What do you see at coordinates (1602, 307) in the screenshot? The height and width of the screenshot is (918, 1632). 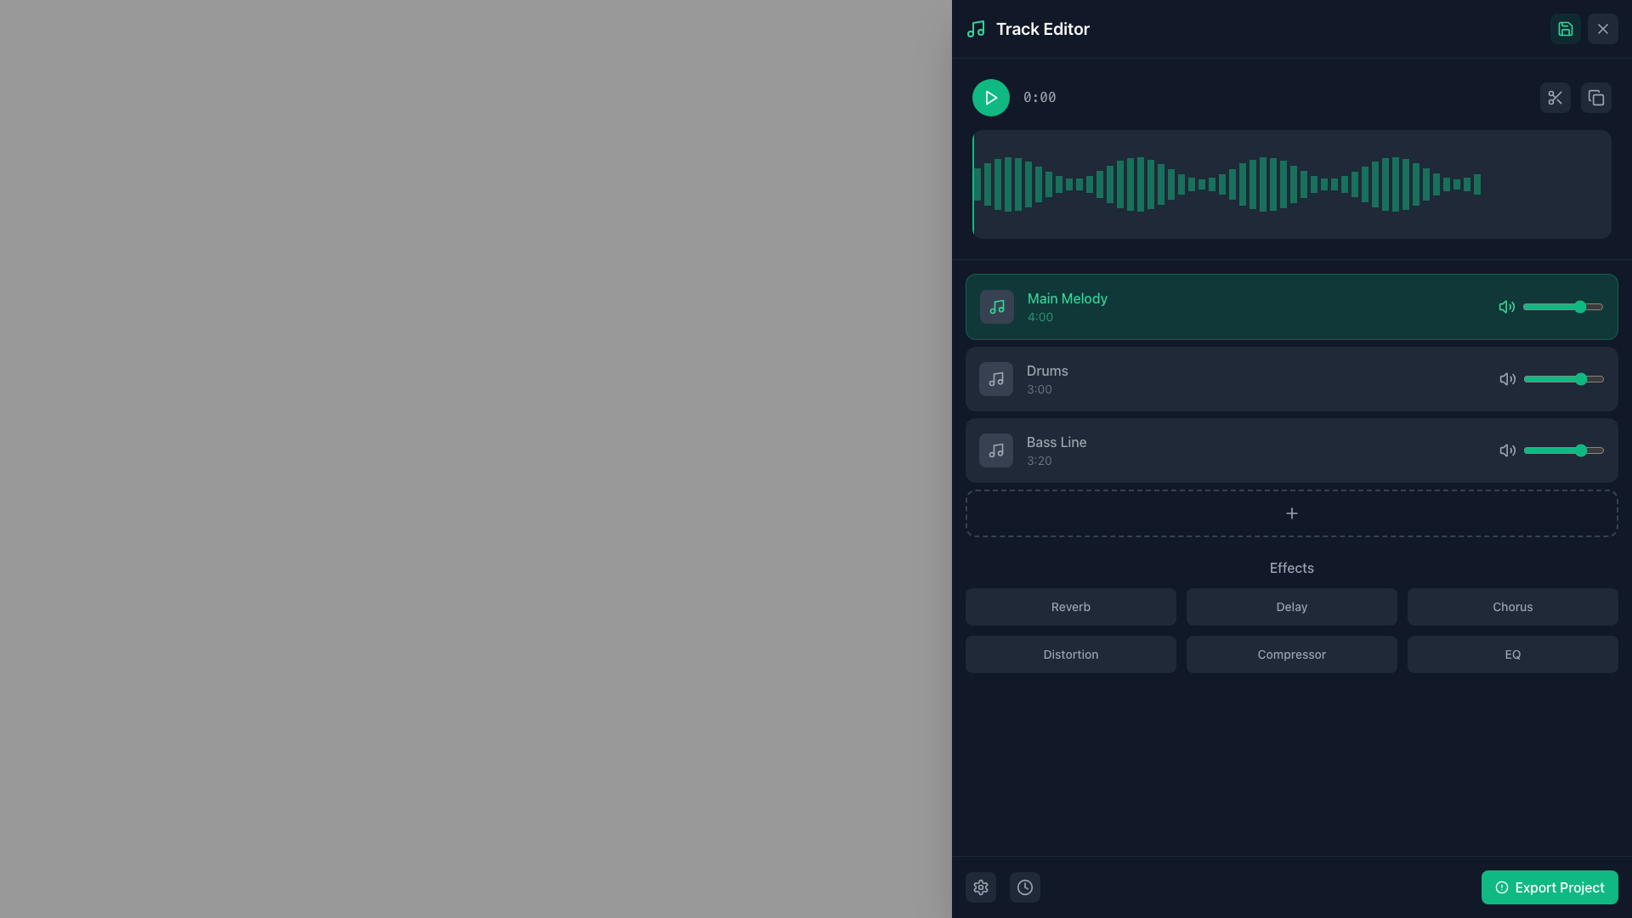 I see `the slider value` at bounding box center [1602, 307].